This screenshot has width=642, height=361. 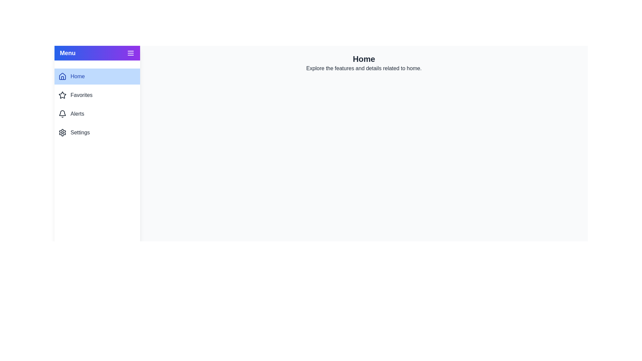 I want to click on the Icon Button located at the far right side of the header bar, adjacent to the text label 'Menu', so click(x=130, y=52).